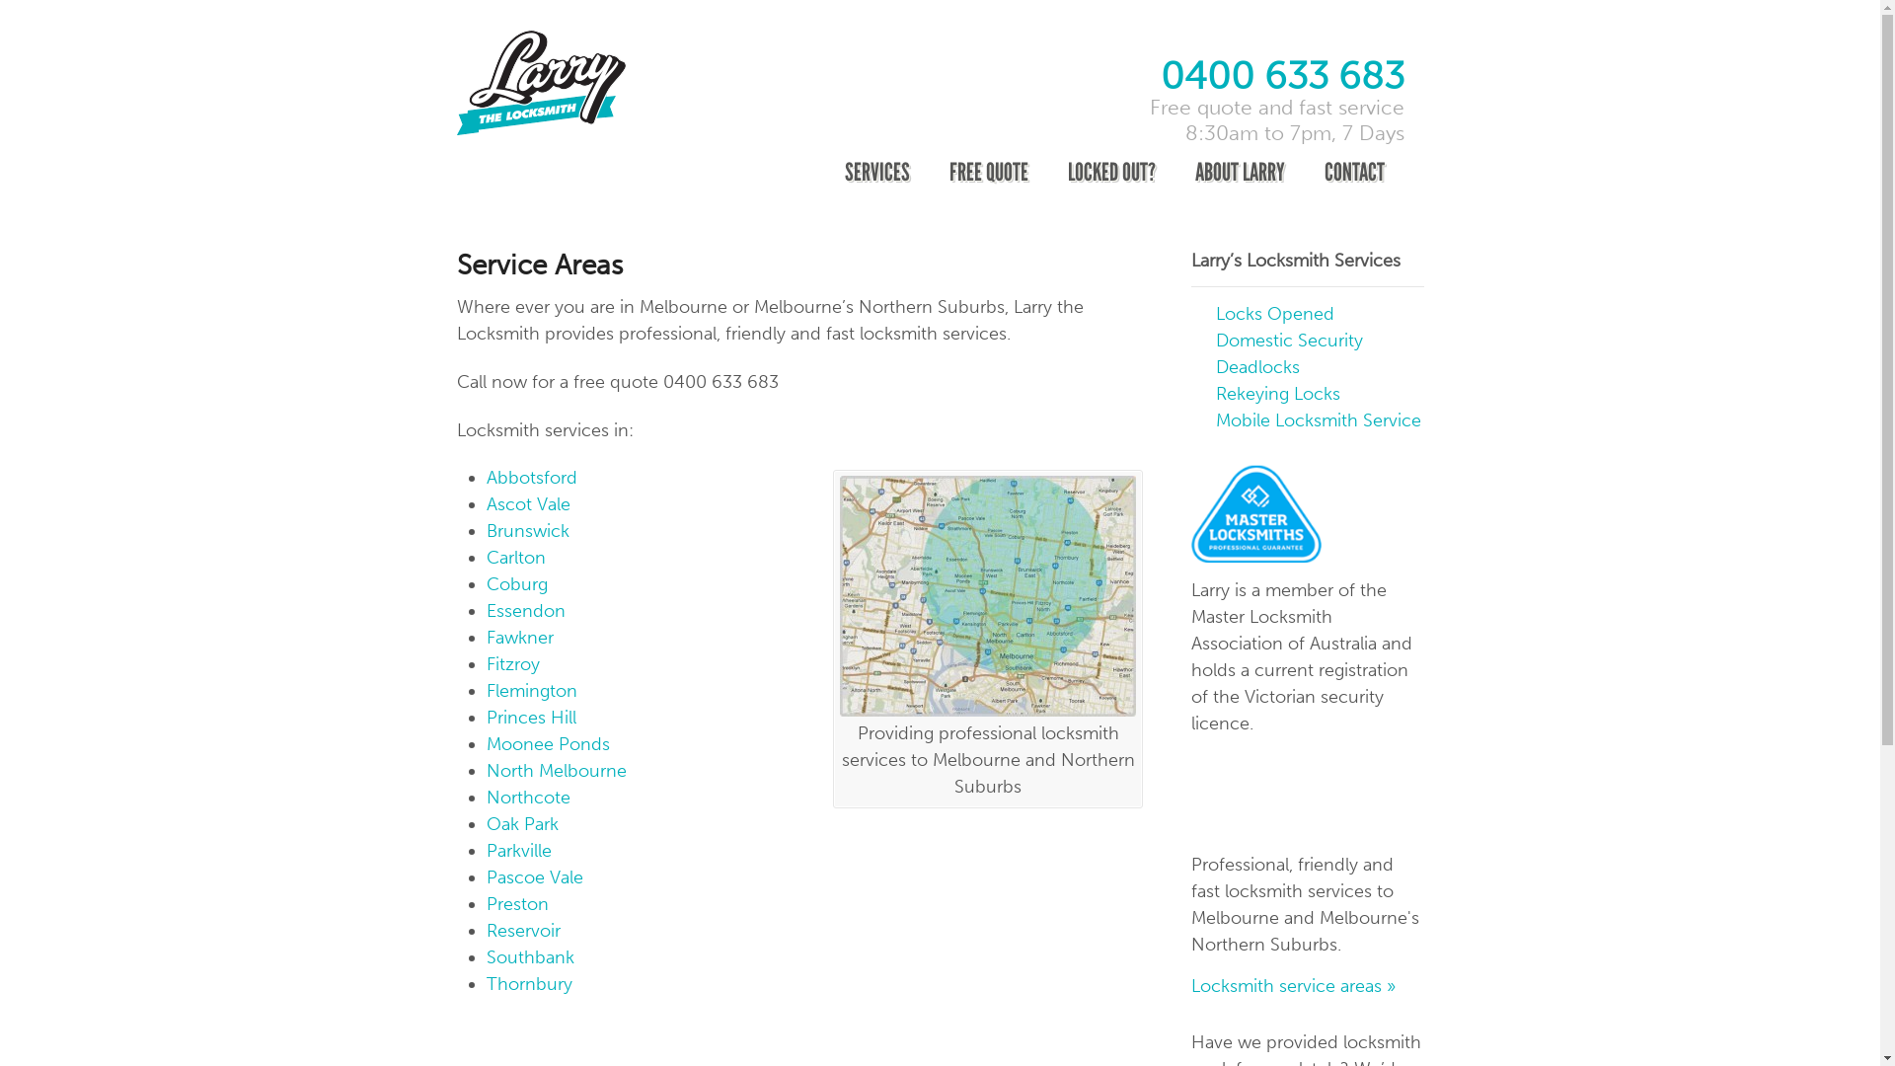 Image resolution: width=1895 pixels, height=1066 pixels. What do you see at coordinates (515, 557) in the screenshot?
I see `'Carlton'` at bounding box center [515, 557].